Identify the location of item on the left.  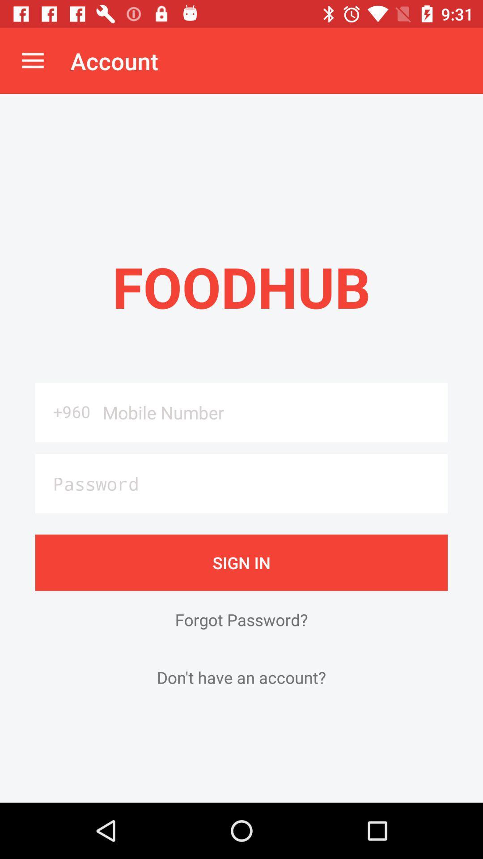
(65, 411).